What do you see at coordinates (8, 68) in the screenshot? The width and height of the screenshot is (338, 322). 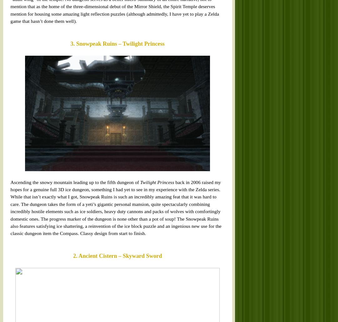 I see `'simply oozes atmosphere from every crevice of its fantastical sprawling layout. Much like the Snowpeak Ruins, the City in the Sky doubles as the dwelling place for a fantasy race, in this case the unsettling chicken-ghoul hybrids the Oocca. After getting shot into the sky by a giant cannon, you land in a pool of water at the end of a catwalk leading to an incredibly majestic hall with tiles that fall away beneath your feet. You cannot ever trust the floor, but with a Clawshot on each arm, why would you need to? Overgrown vines weave their way across great stone structures that have withstood centuries of gales so strong they will blow you away without the Iron Boots equipped. Distant glimpses of the tyrannical dragon creature running the show hint at the bombastic finale to come. The whole experience feels like a playable Hayao Miyazaki film, and there really isn’t any higher compliment I can pay.'` at bounding box center [8, 68].